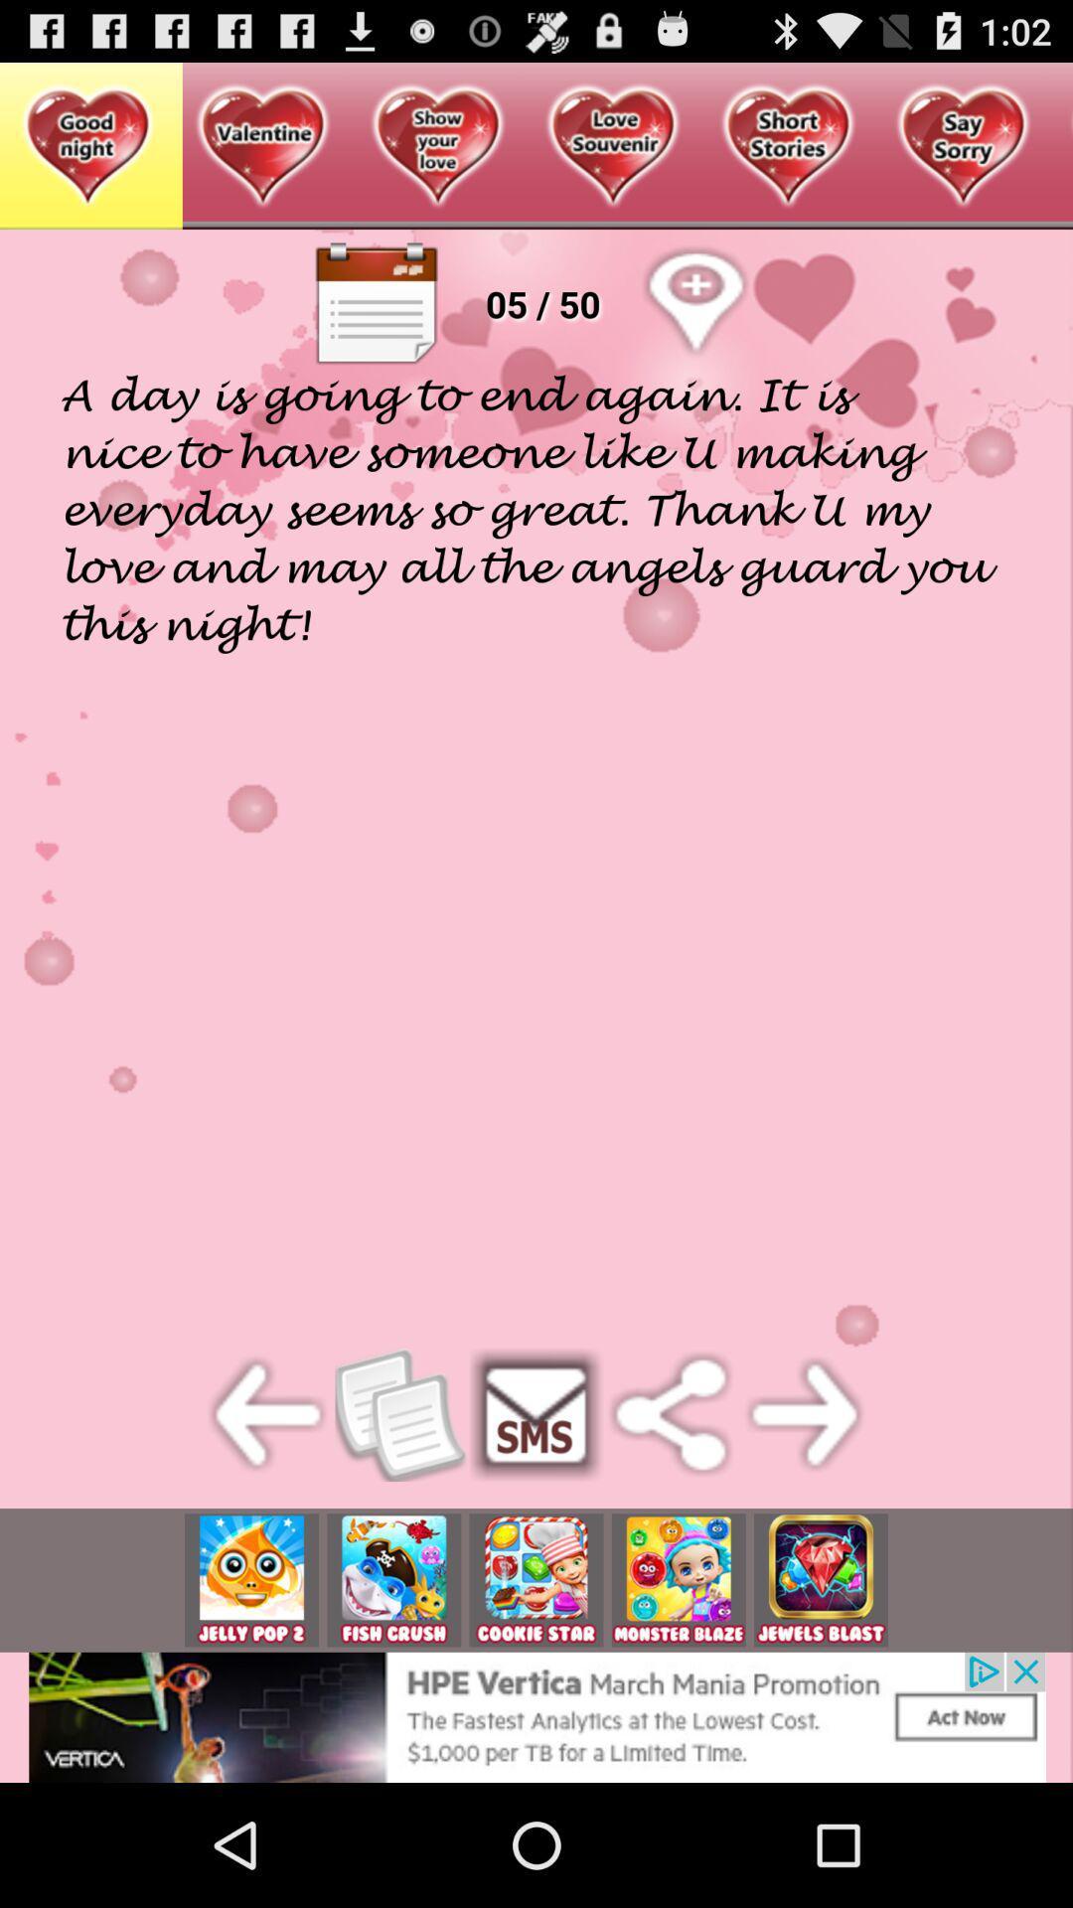  I want to click on go back, so click(268, 1413).